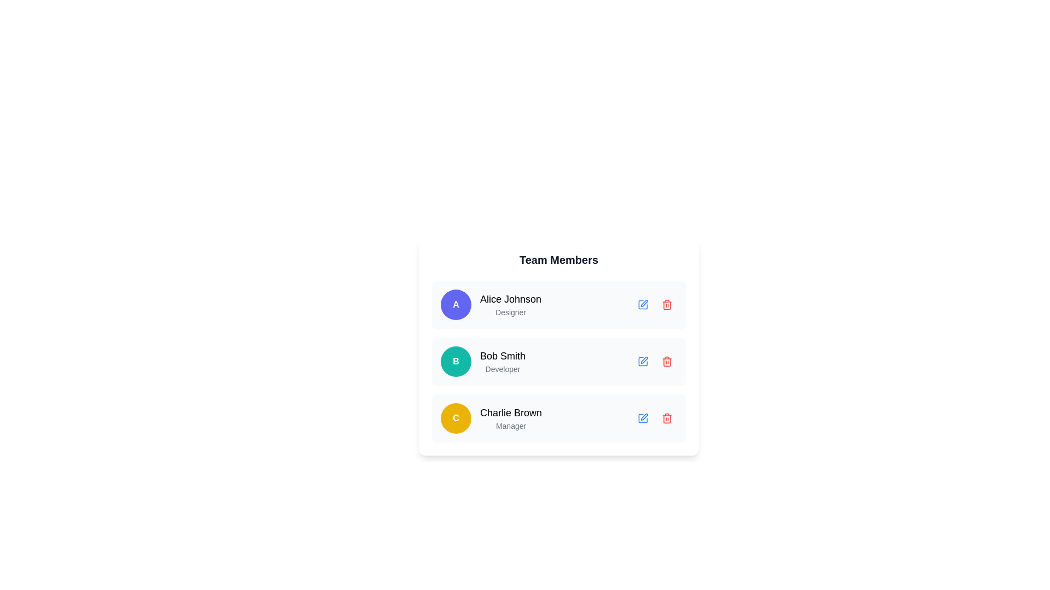 The image size is (1050, 590). Describe the element at coordinates (655, 305) in the screenshot. I see `the edit button located within the top row of the team members list, aligned to the right of 'Alice Johnson Designer' information block to modify the information` at that location.